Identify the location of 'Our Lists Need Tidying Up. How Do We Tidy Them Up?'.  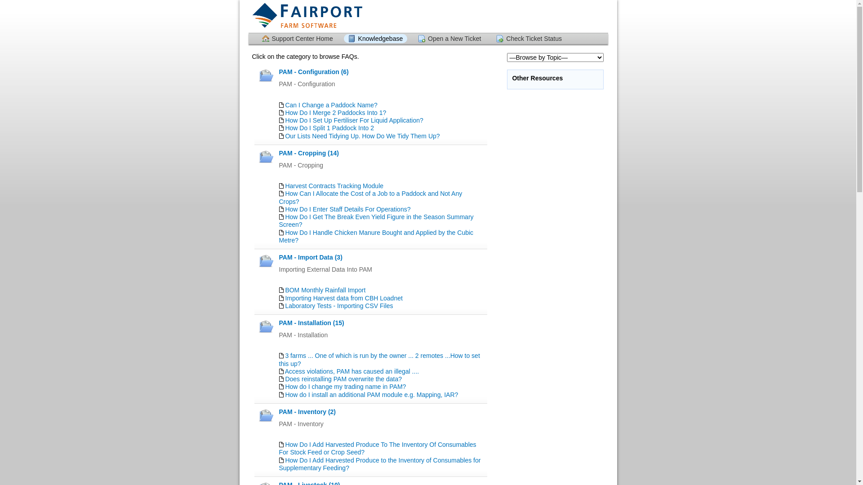
(362, 136).